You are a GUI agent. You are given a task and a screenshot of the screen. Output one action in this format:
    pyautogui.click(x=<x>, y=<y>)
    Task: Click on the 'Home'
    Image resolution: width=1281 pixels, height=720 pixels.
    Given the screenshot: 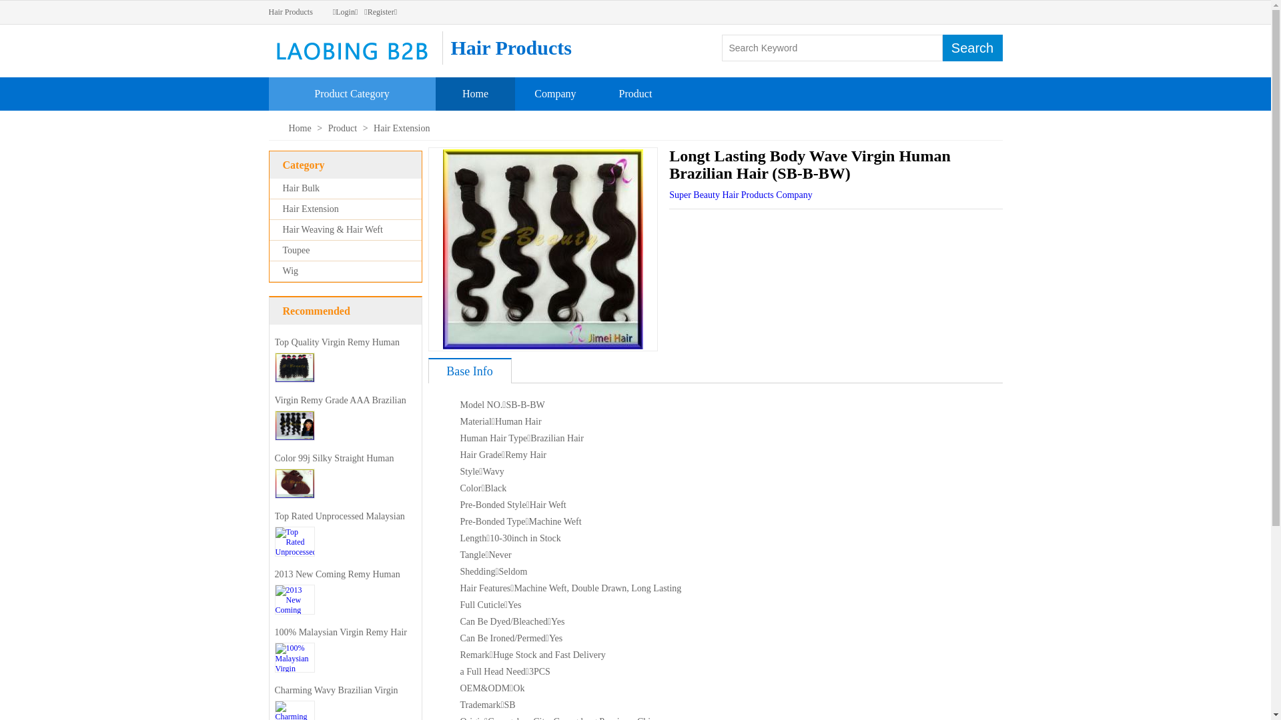 What is the action you would take?
    pyautogui.click(x=475, y=93)
    